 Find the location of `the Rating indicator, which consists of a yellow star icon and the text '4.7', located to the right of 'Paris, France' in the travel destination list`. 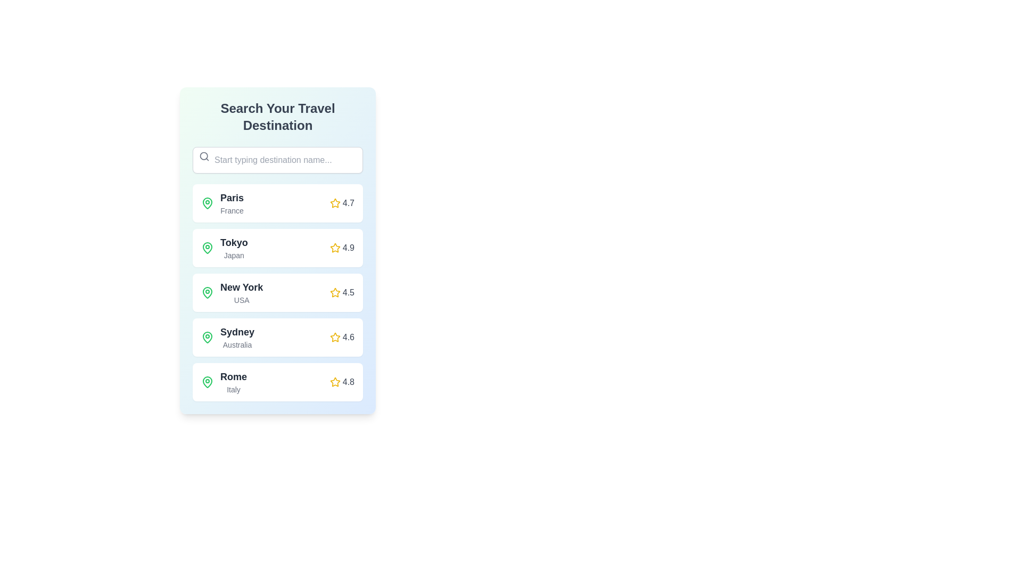

the Rating indicator, which consists of a yellow star icon and the text '4.7', located to the right of 'Paris, France' in the travel destination list is located at coordinates (342, 203).